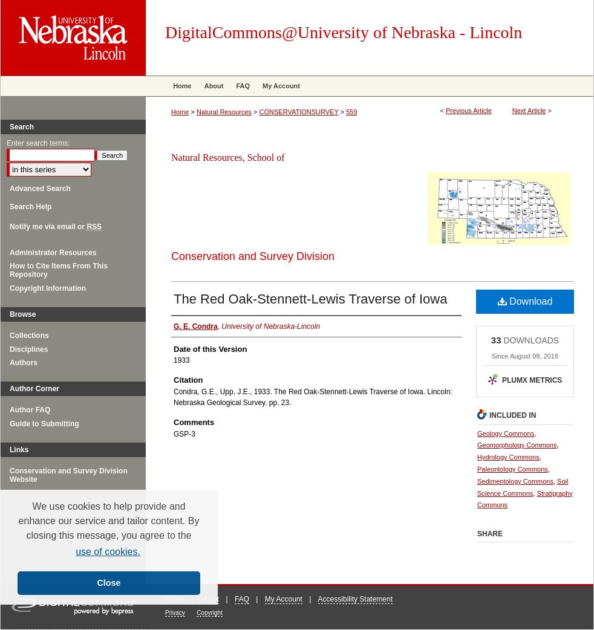  I want to click on 'Comments', so click(194, 421).